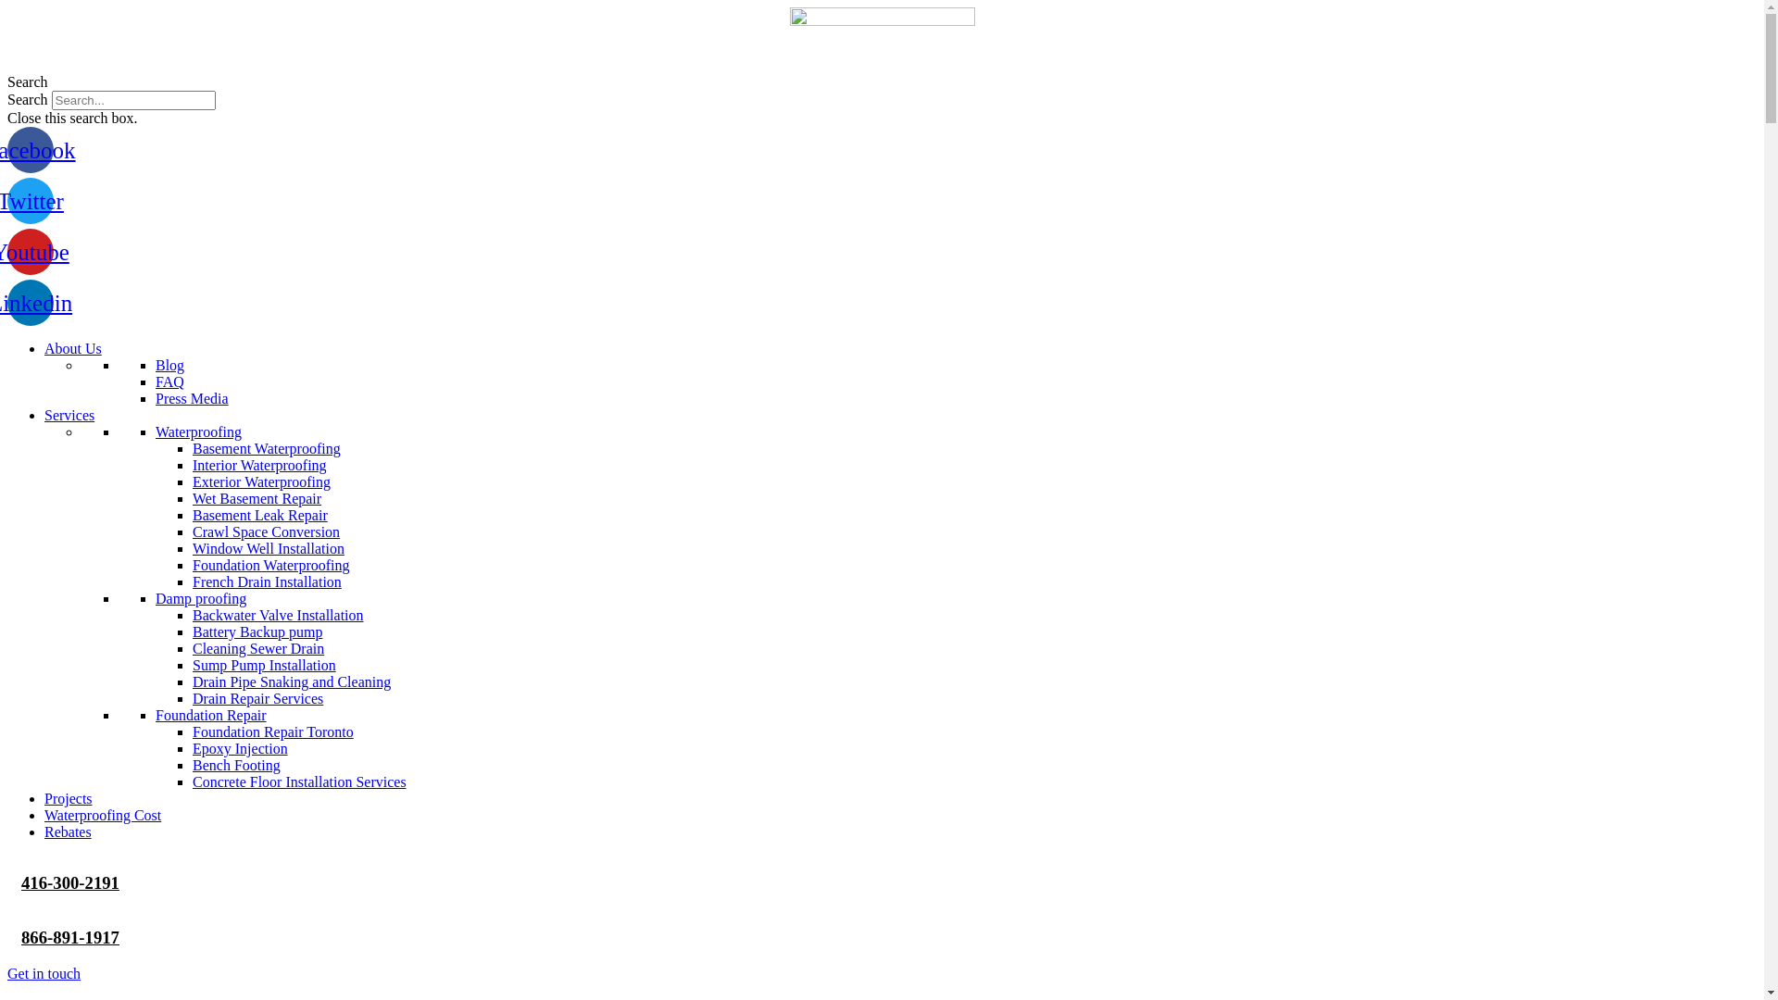 This screenshot has height=1000, width=1778. What do you see at coordinates (192, 631) in the screenshot?
I see `'Battery Backup pump'` at bounding box center [192, 631].